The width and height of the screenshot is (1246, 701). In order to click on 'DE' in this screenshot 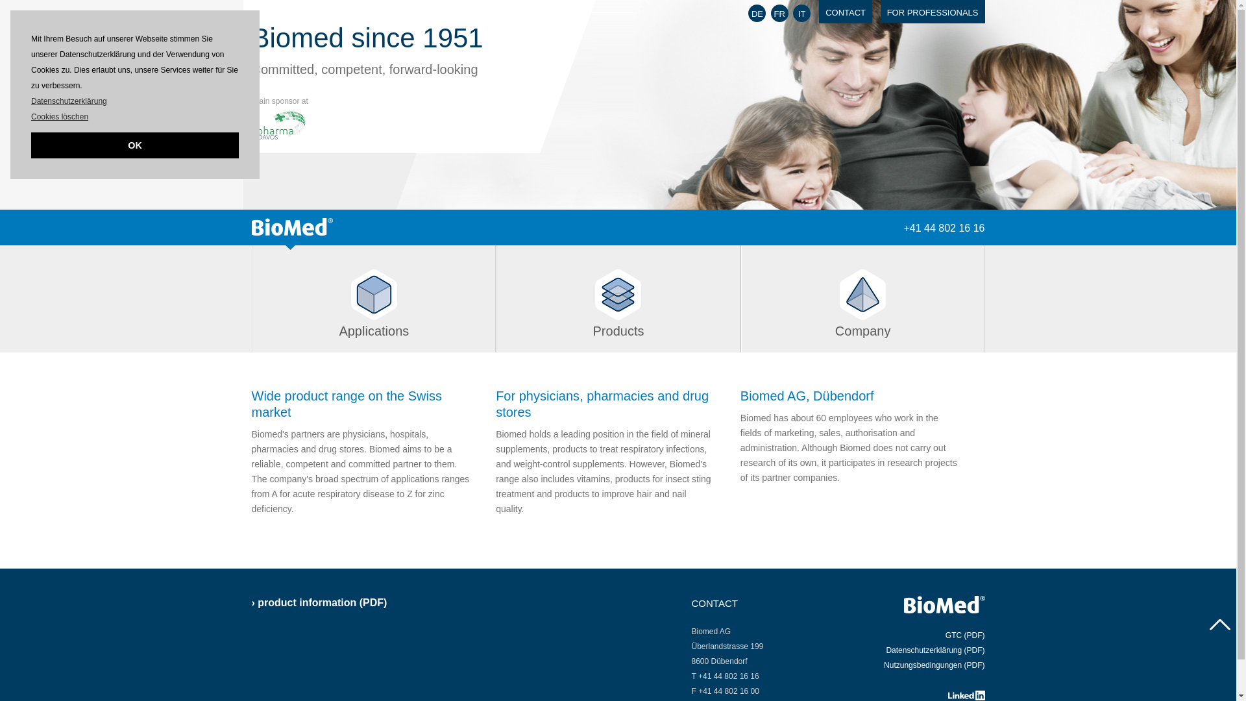, I will do `click(757, 13)`.